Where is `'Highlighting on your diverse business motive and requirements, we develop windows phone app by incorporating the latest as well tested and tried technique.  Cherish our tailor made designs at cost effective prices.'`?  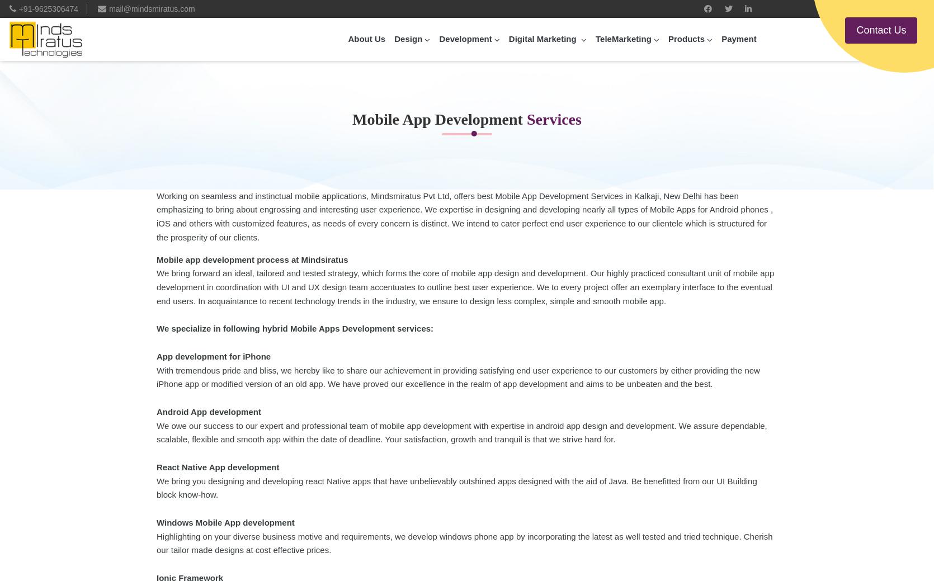 'Highlighting on your diverse business motive and requirements, we develop windows phone app by incorporating the latest as well tested and tried technique.  Cherish our tailor made designs at cost effective prices.' is located at coordinates (156, 543).